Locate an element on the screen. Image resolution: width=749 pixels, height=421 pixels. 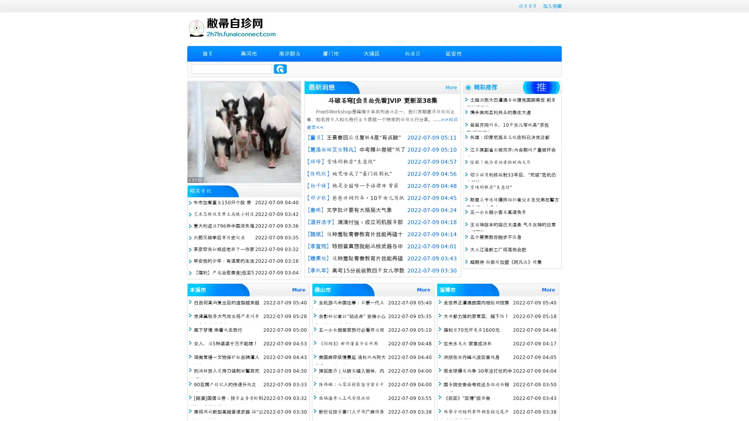
Search is located at coordinates (280, 69).